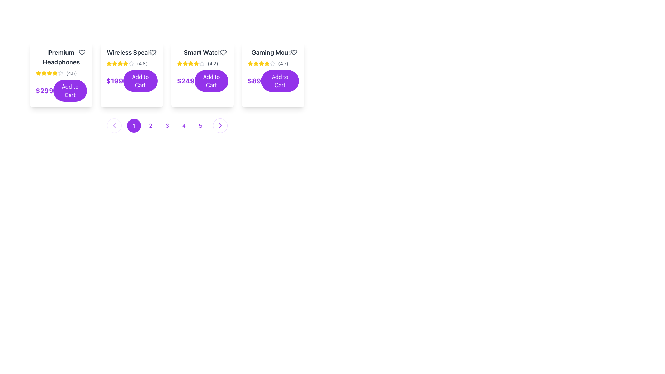 The image size is (665, 374). What do you see at coordinates (49, 73) in the screenshot?
I see `the fifth yellow star-shaped rating icon in the rating display under the 'Premium Headphones' product card` at bounding box center [49, 73].